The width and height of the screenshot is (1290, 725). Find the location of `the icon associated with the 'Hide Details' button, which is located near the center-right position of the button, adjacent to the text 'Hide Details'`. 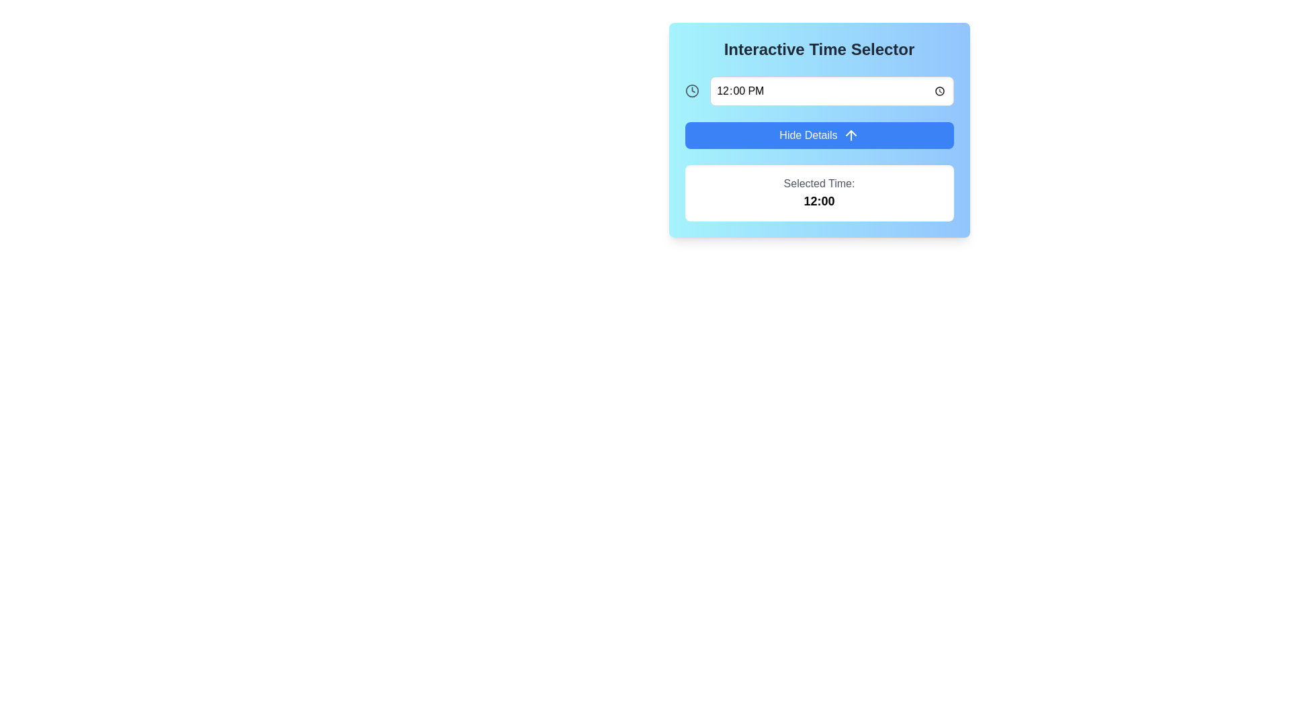

the icon associated with the 'Hide Details' button, which is located near the center-right position of the button, adjacent to the text 'Hide Details' is located at coordinates (850, 135).